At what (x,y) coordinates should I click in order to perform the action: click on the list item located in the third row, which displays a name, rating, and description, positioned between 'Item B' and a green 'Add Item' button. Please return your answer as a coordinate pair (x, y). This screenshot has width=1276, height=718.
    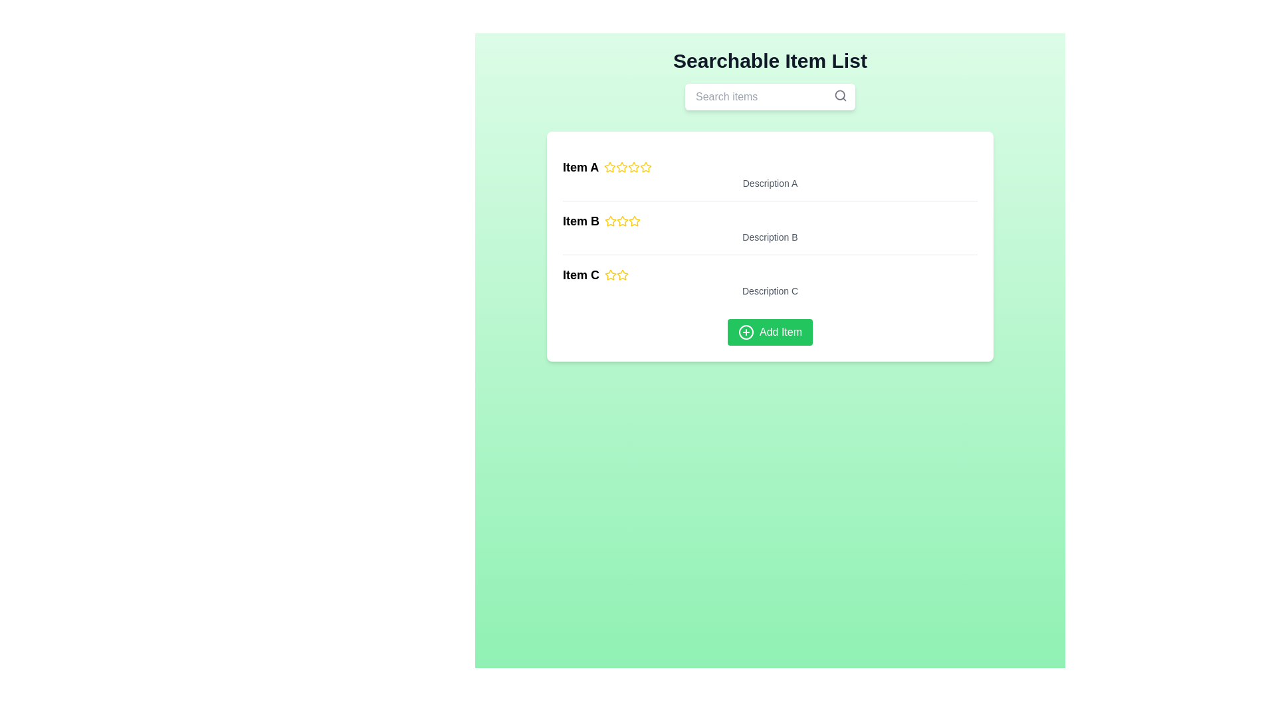
    Looking at the image, I should click on (770, 281).